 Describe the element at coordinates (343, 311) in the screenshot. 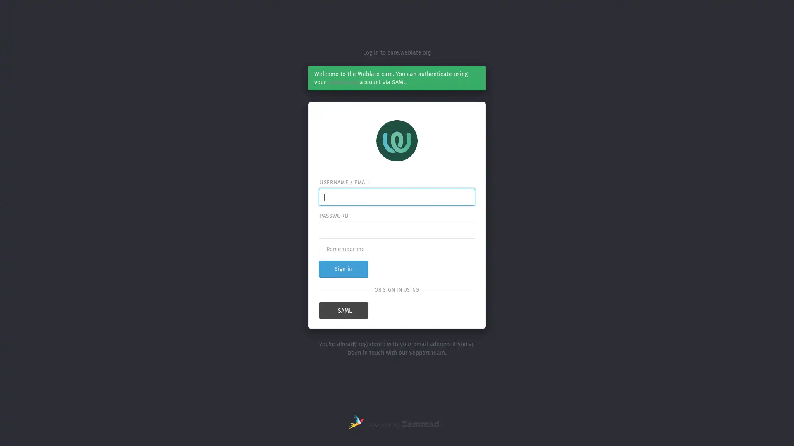

I see `SAML` at that location.